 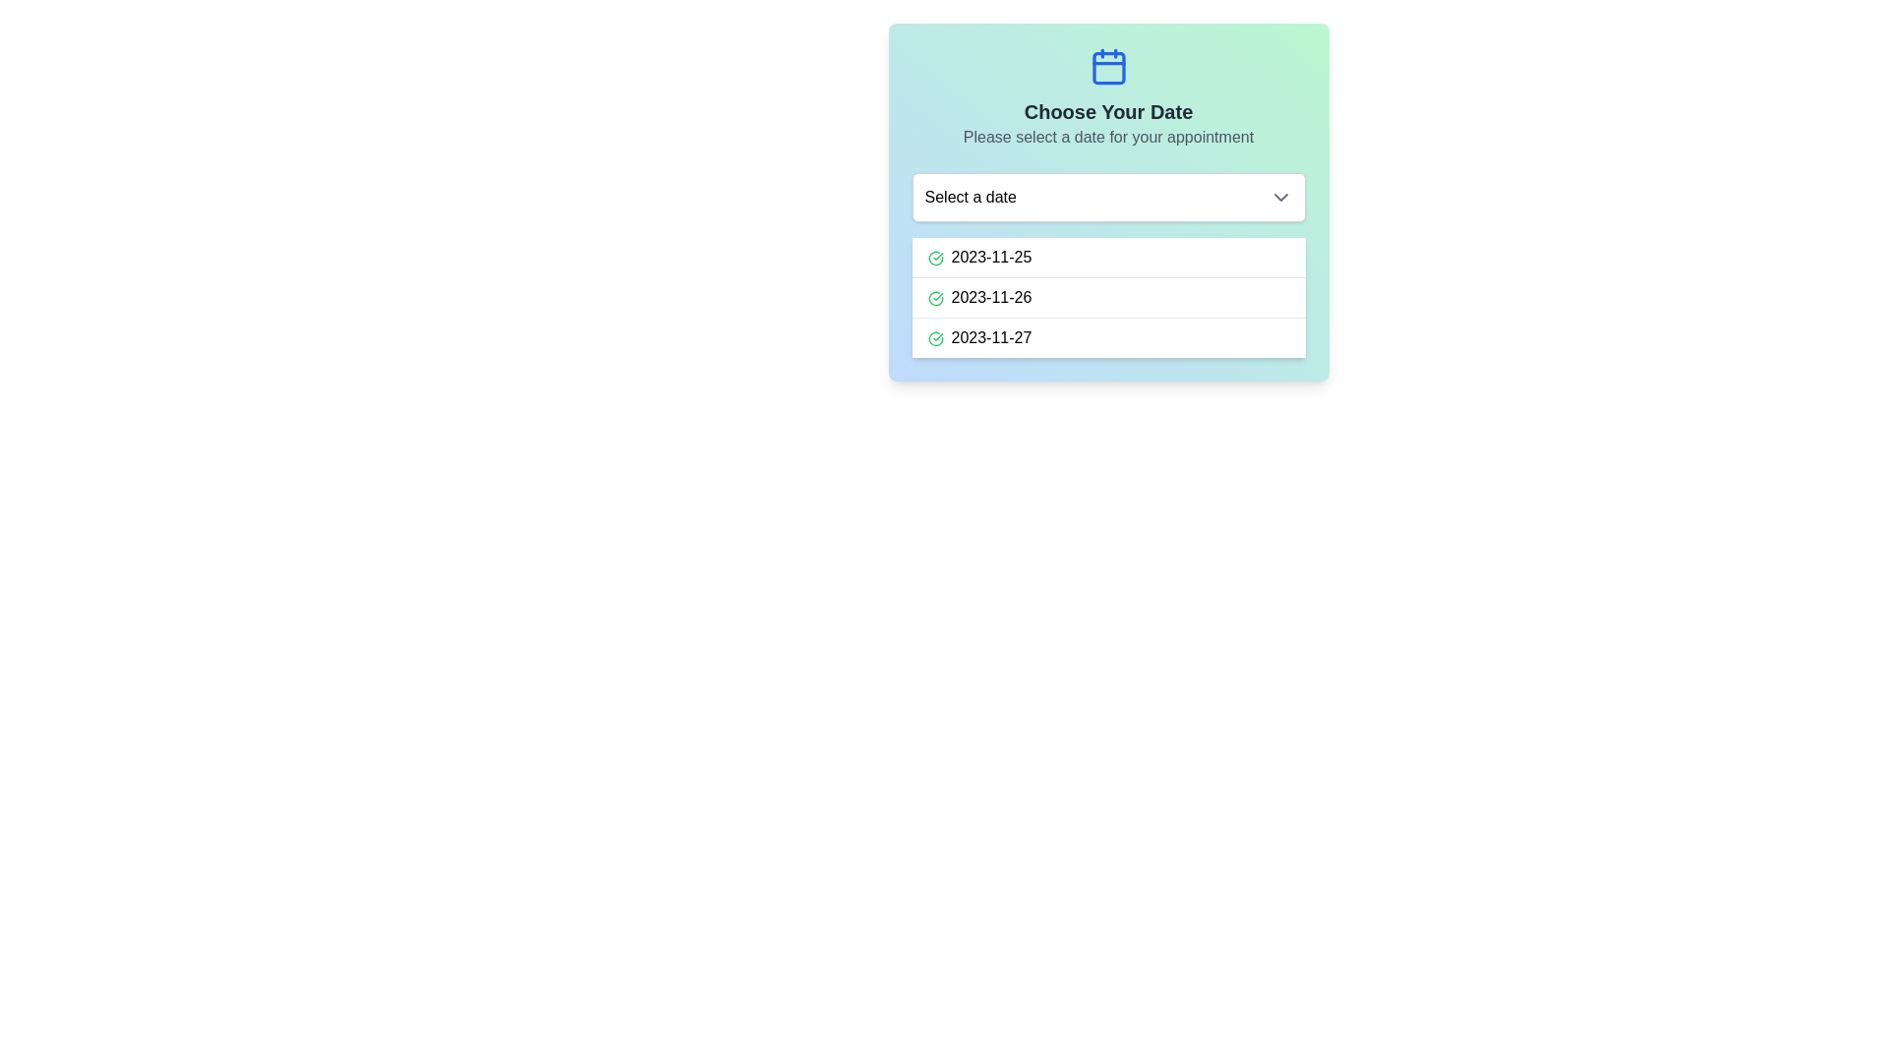 I want to click on the calendar selection icon located at the top-center of the 'Choose Your Date' dialog box, directly above the heading text, so click(x=1108, y=66).